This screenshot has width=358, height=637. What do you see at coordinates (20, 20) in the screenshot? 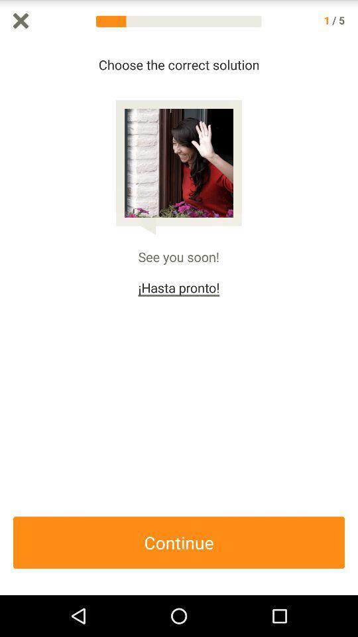
I see `page option` at bounding box center [20, 20].